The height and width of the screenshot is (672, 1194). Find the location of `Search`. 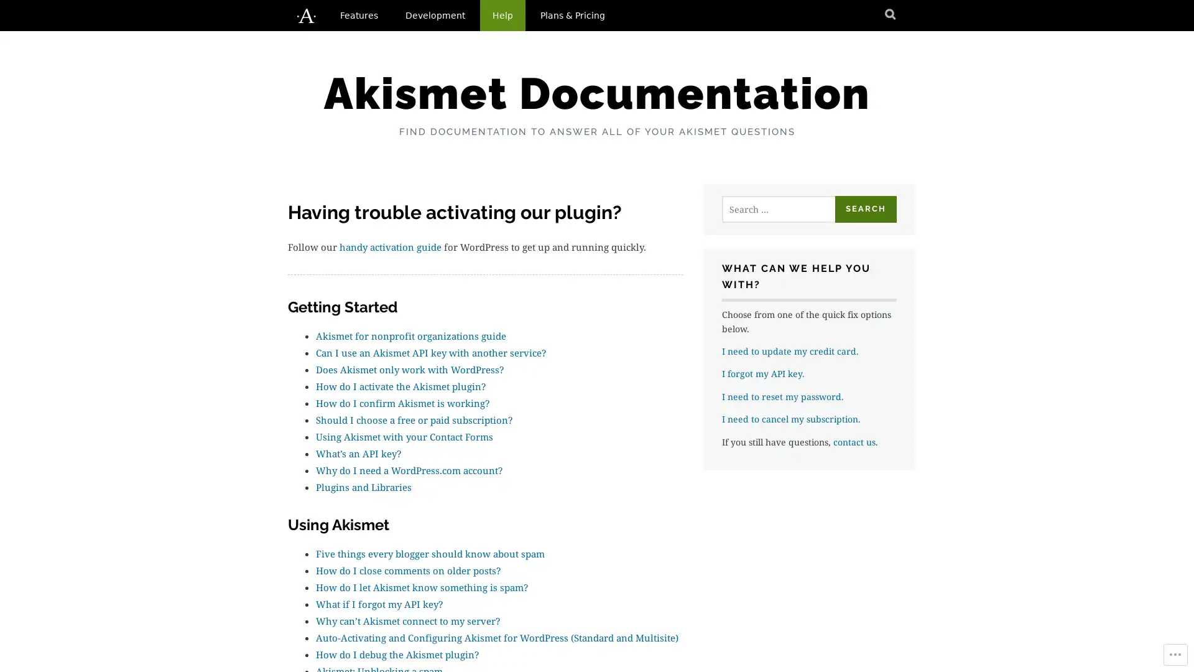

Search is located at coordinates (865, 208).